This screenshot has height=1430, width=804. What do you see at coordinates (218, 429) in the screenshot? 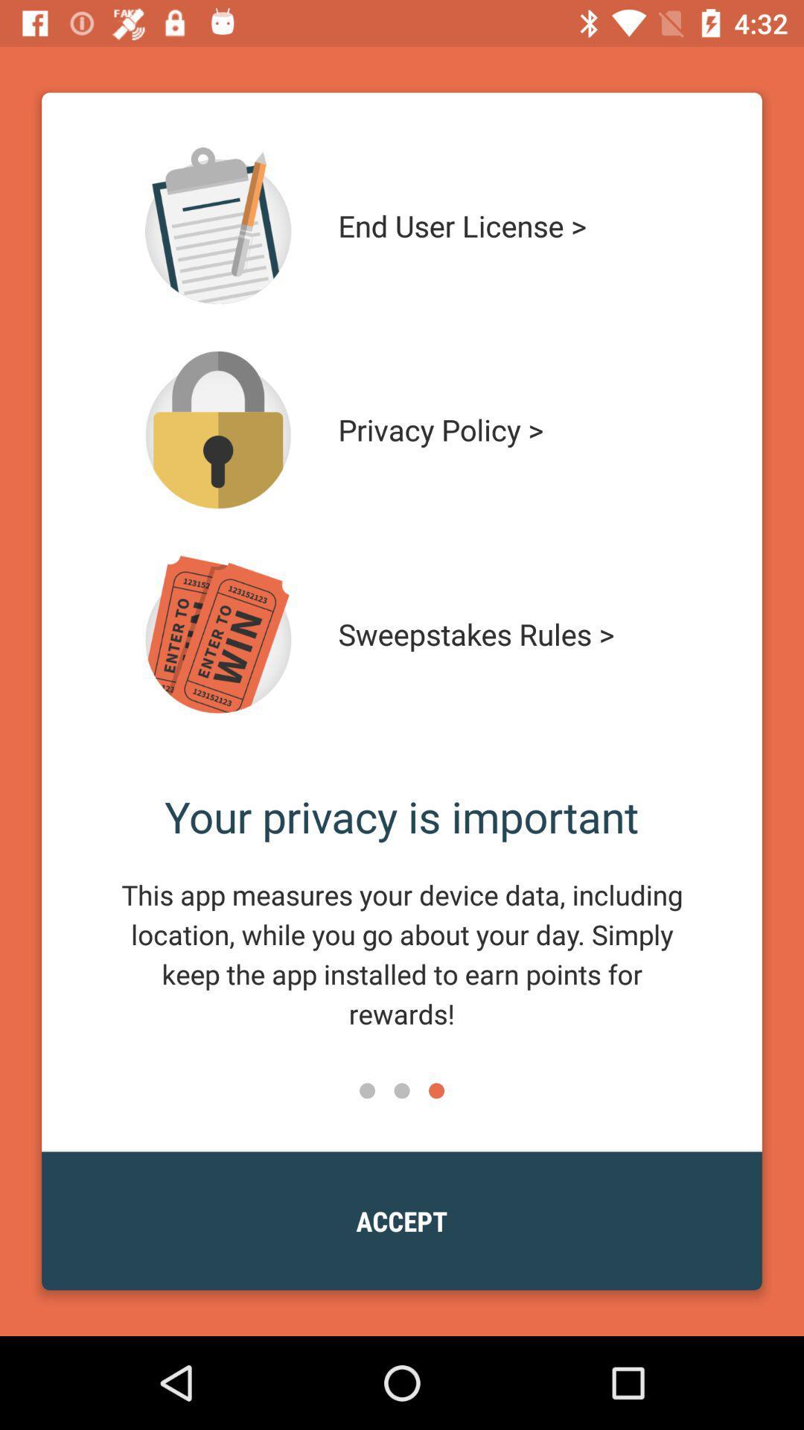
I see `open privacy policy` at bounding box center [218, 429].